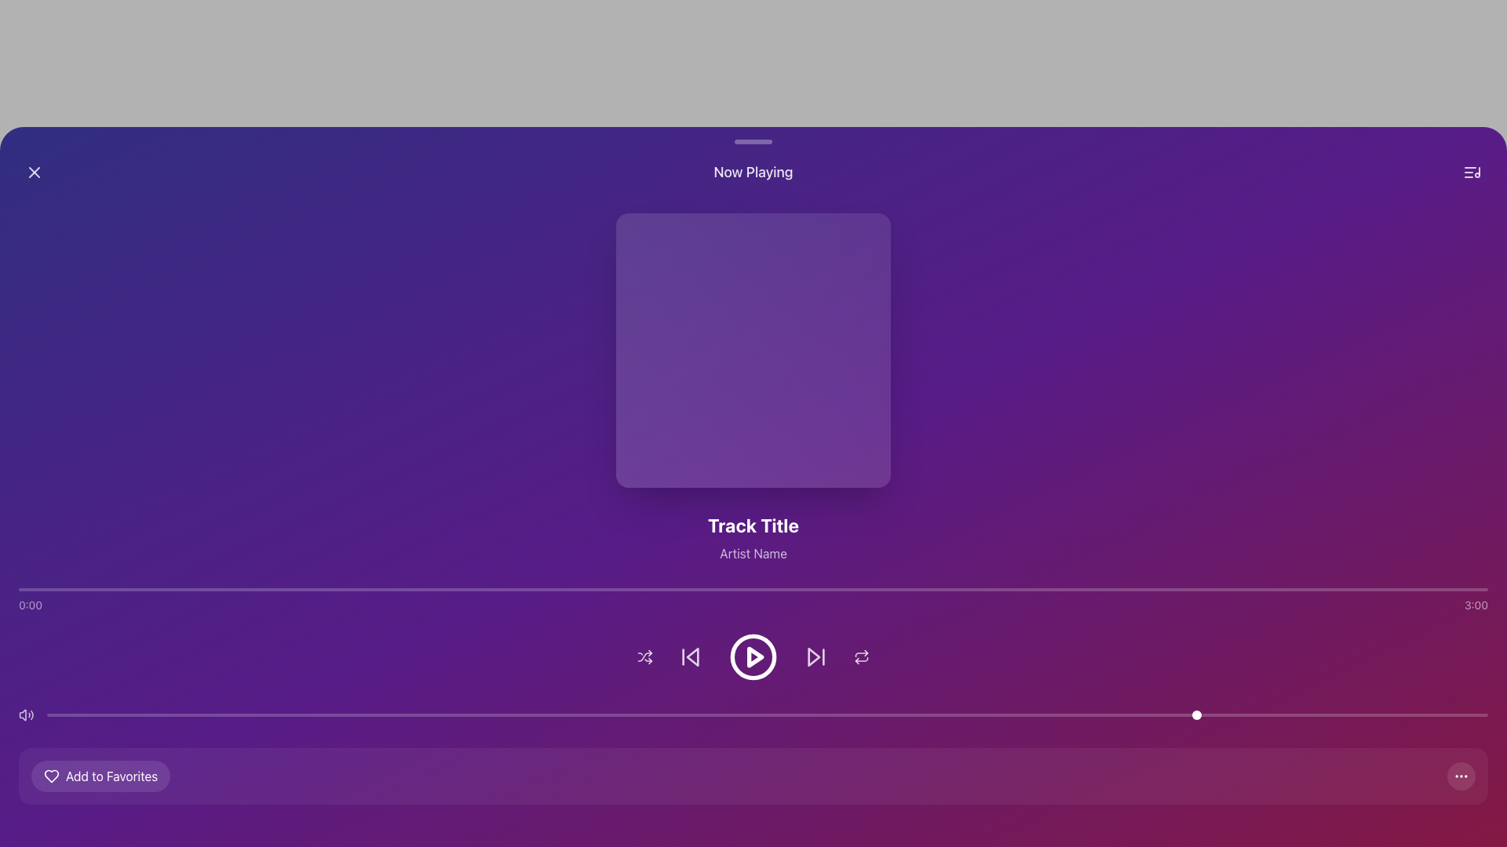 This screenshot has height=847, width=1507. What do you see at coordinates (415, 590) in the screenshot?
I see `the playback progress` at bounding box center [415, 590].